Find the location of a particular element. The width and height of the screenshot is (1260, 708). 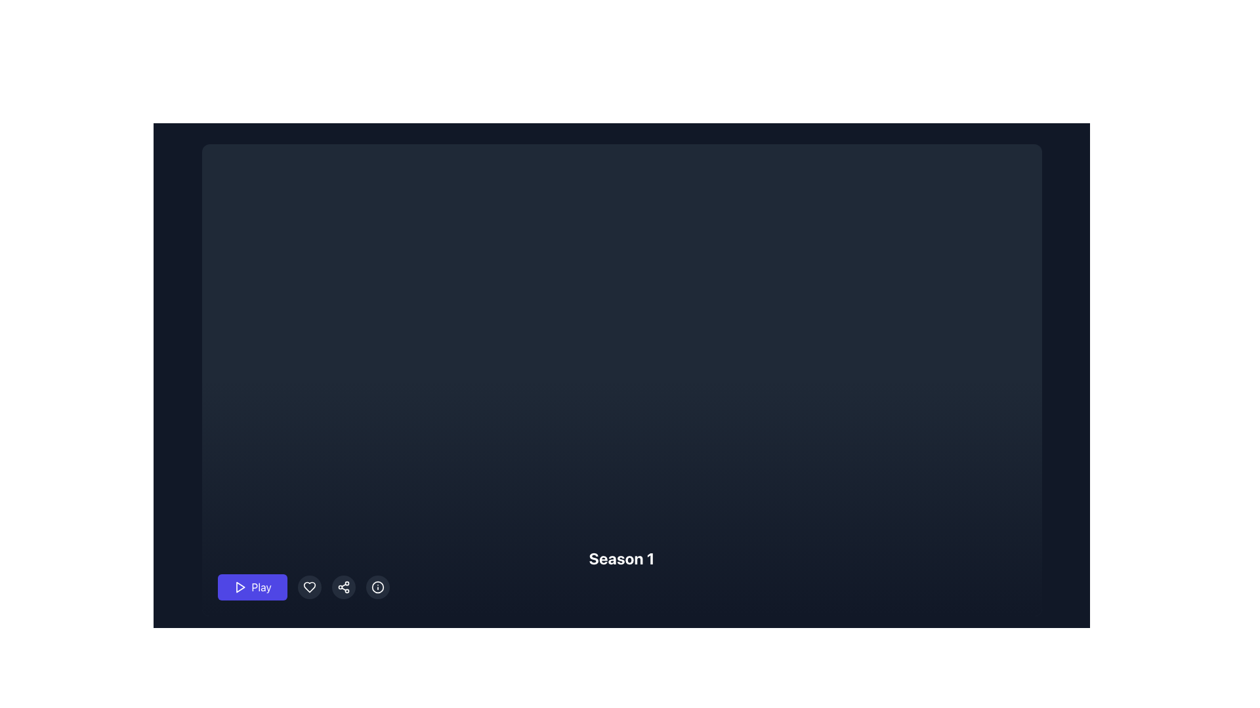

the heart icon button located at the bottom center of the interface is located at coordinates (308, 586).